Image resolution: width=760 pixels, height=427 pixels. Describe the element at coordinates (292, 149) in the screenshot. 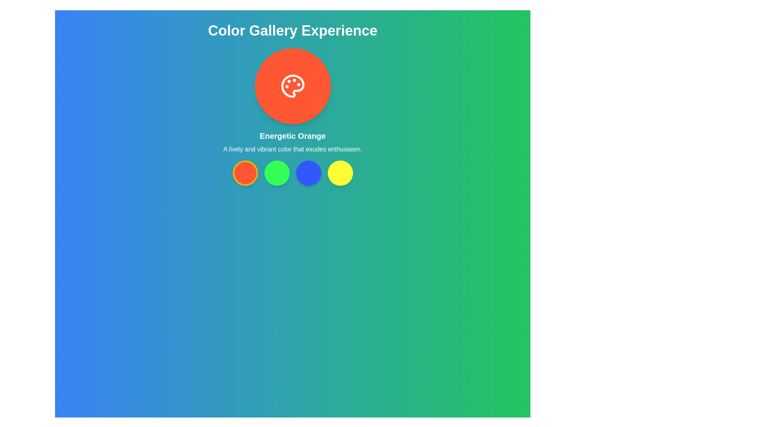

I see `the non-interactive text label providing descriptive information about the color 'Energetic Orange', located below the text 'Energetic Orange' and above a horizontal arrangement of colored circles` at that location.